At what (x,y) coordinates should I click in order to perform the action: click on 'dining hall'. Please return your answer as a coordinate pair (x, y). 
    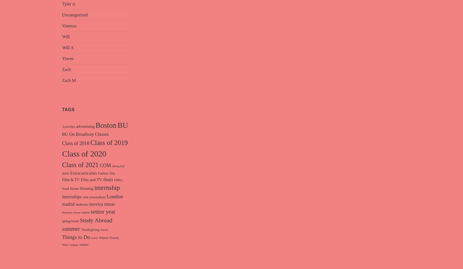
    Looking at the image, I should click on (118, 165).